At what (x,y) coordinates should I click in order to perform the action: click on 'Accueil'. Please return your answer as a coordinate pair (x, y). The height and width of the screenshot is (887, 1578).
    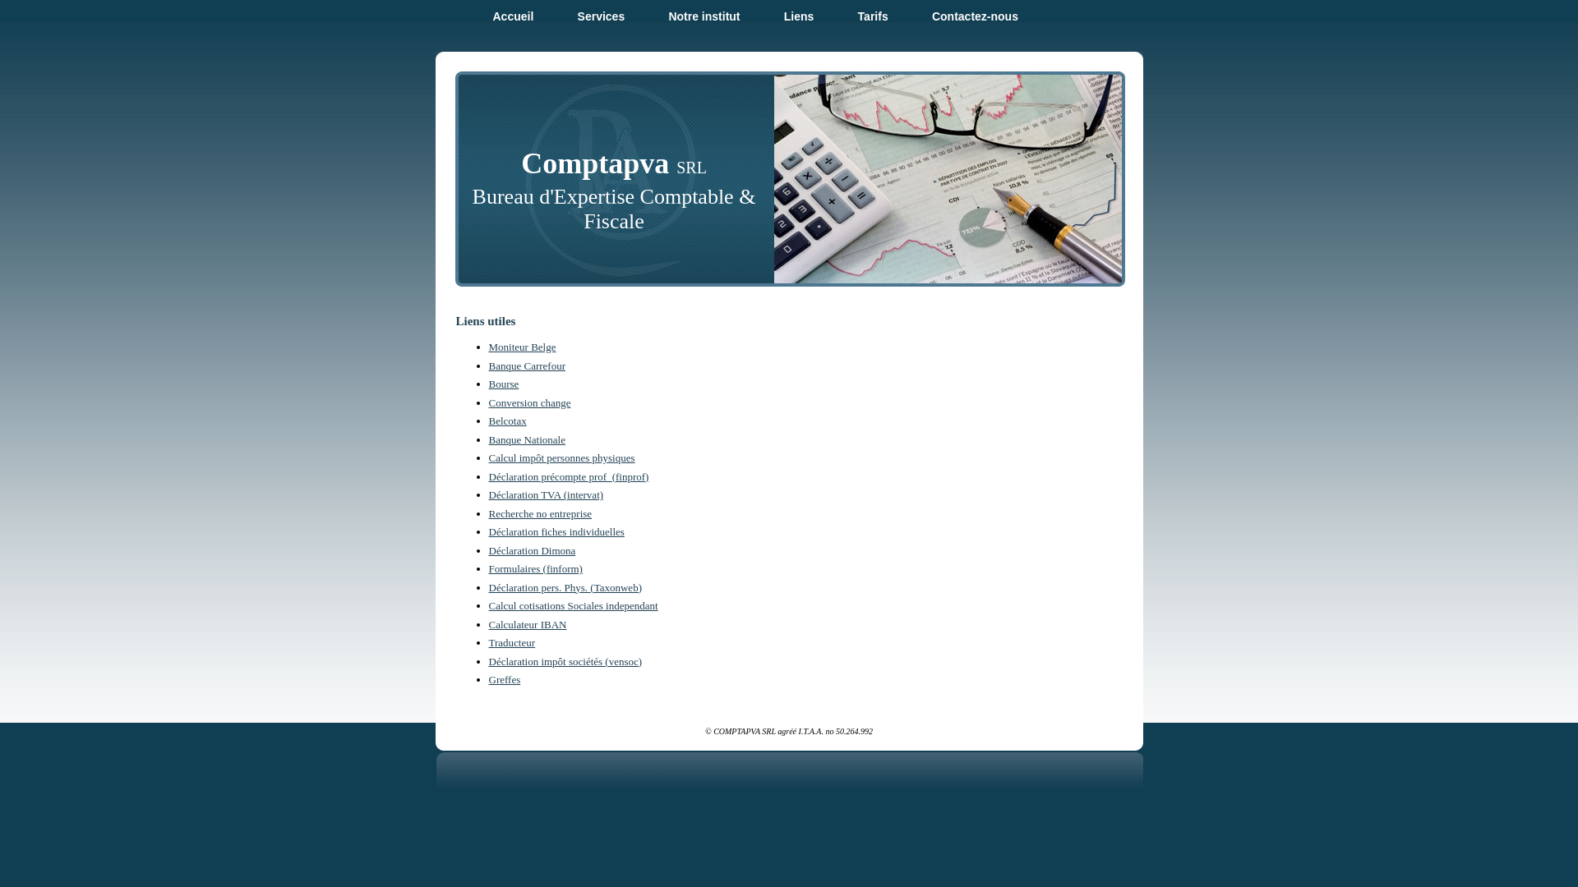
    Looking at the image, I should click on (512, 16).